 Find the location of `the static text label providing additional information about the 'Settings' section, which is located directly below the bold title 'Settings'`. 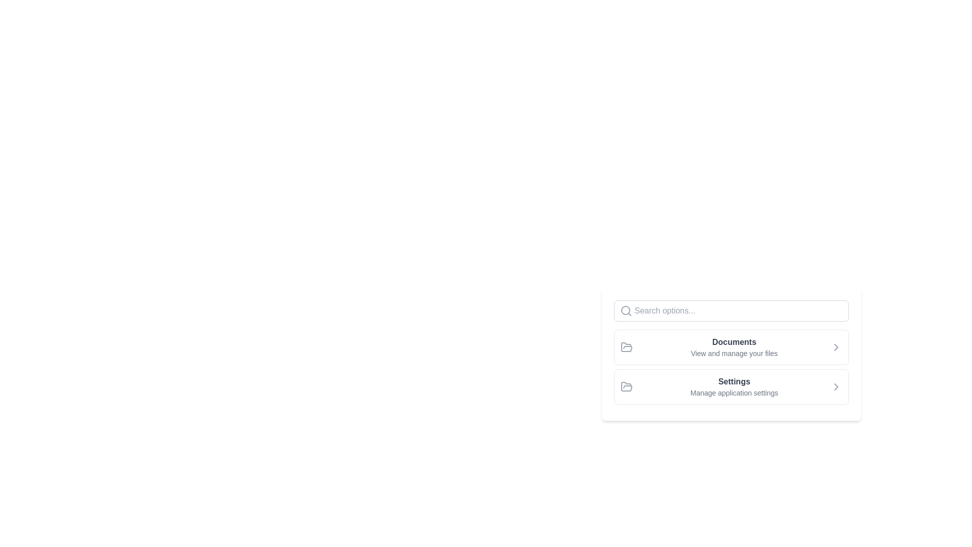

the static text label providing additional information about the 'Settings' section, which is located directly below the bold title 'Settings' is located at coordinates (734, 392).